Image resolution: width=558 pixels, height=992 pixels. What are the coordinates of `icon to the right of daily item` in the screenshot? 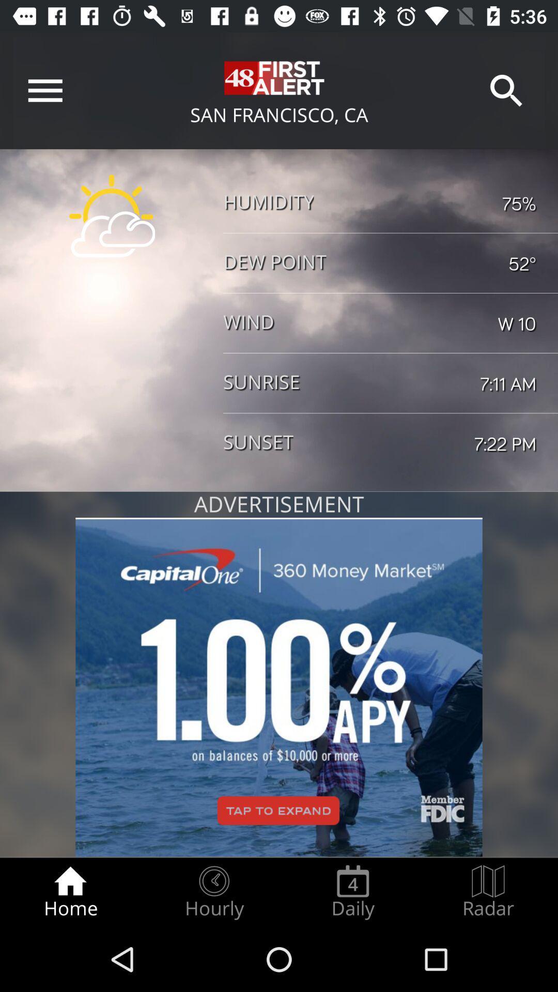 It's located at (488, 892).